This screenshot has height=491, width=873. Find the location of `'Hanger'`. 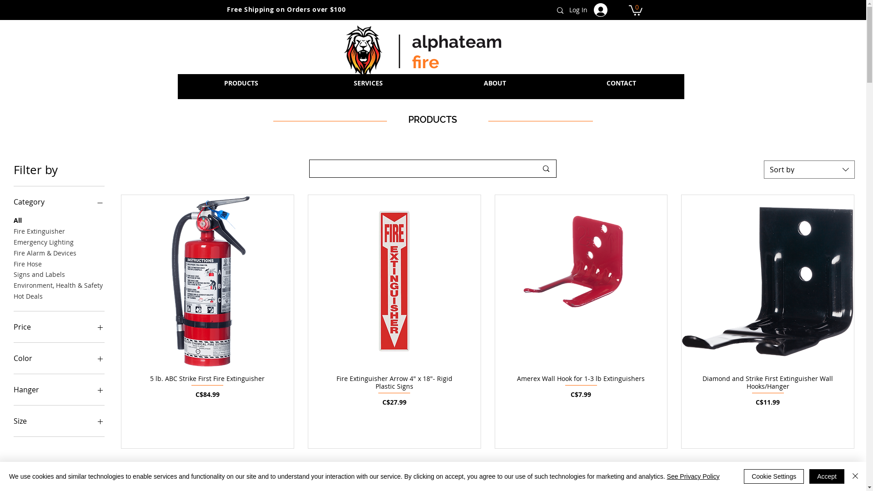

'Hanger' is located at coordinates (58, 389).